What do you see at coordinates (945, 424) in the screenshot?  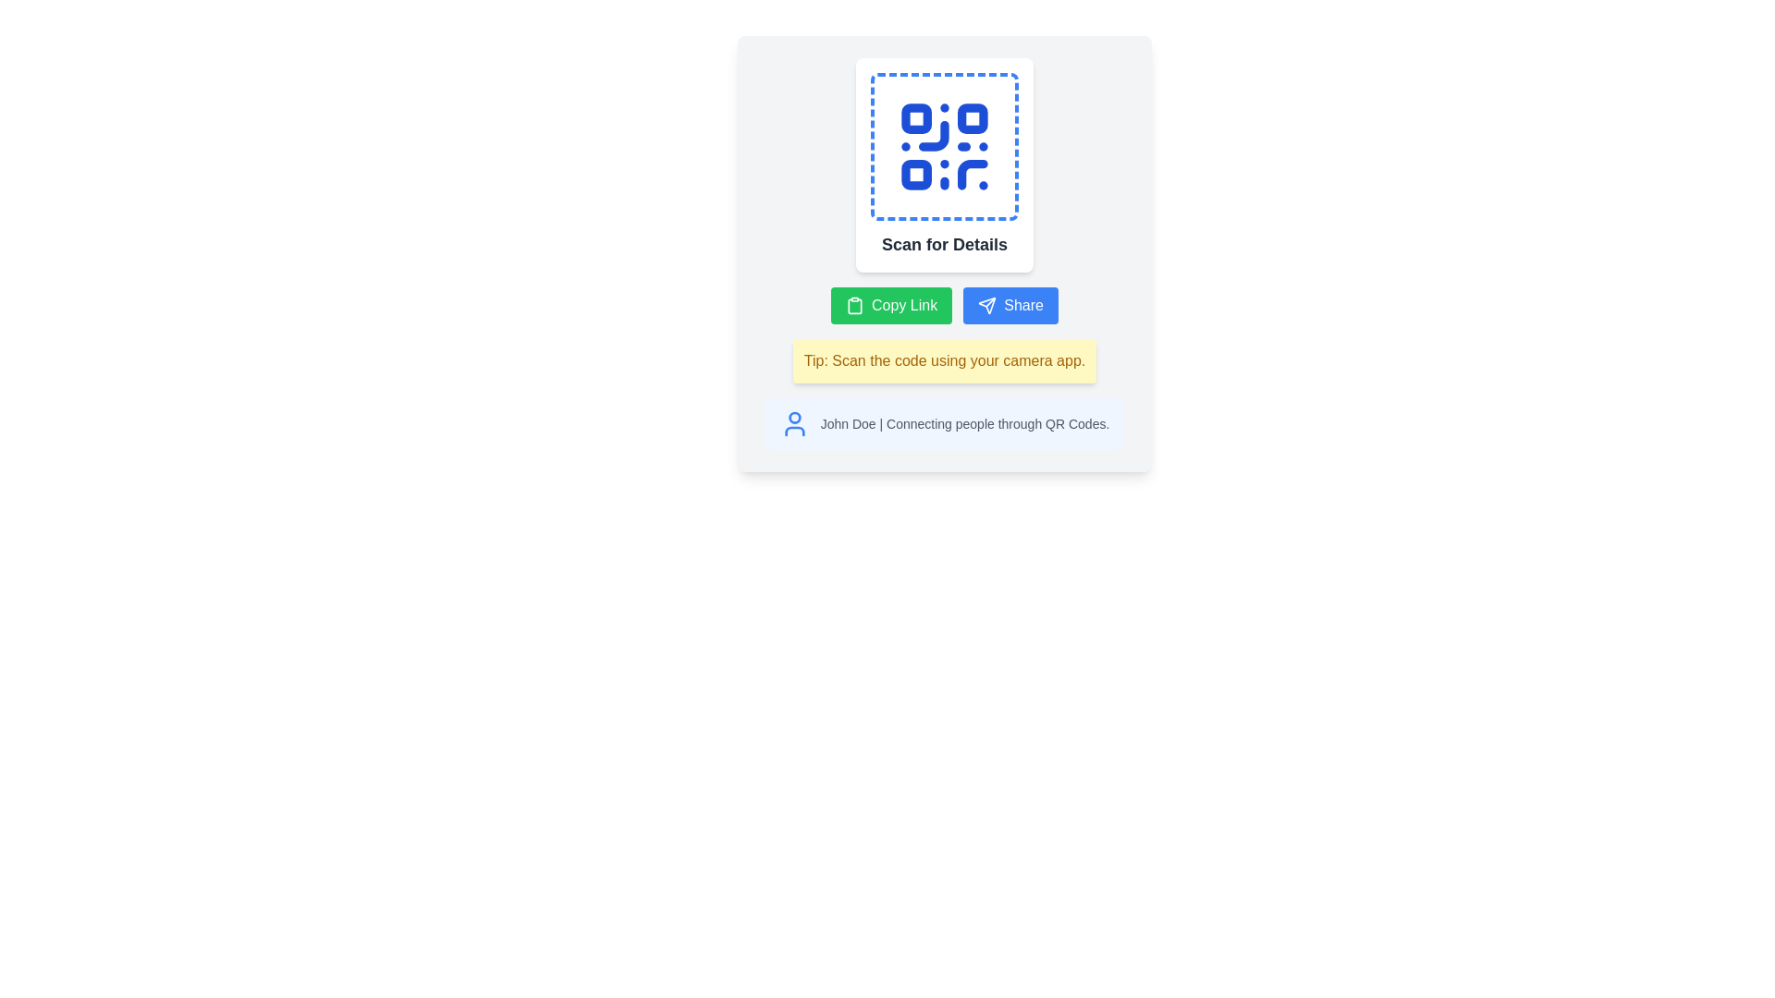 I see `the Information Panel that has a light blue background, rounded corners, and contains the text 'John Doe | Connecting people through QR Codes.'` at bounding box center [945, 424].